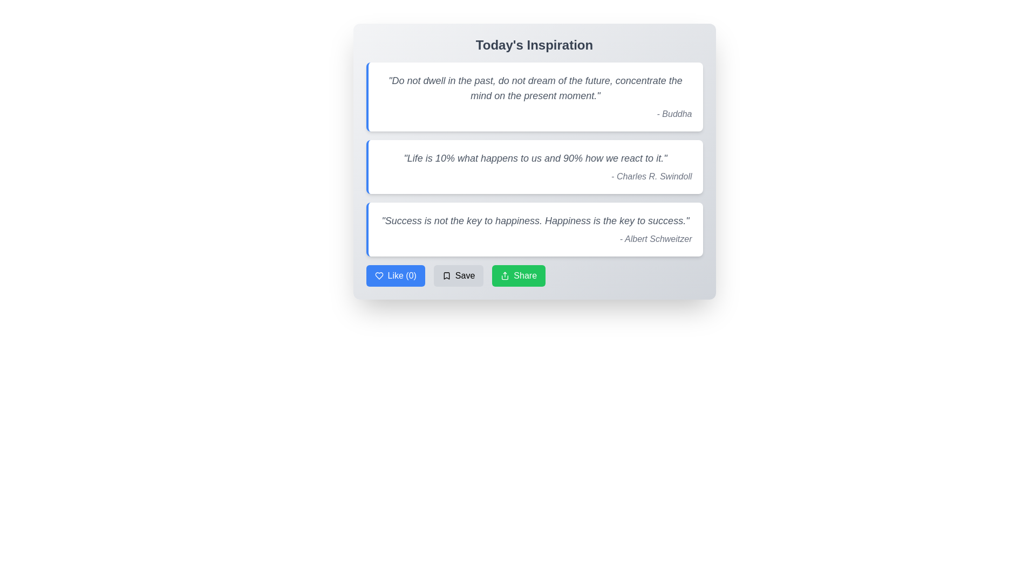 Image resolution: width=1036 pixels, height=582 pixels. What do you see at coordinates (505, 275) in the screenshot?
I see `the share icon` at bounding box center [505, 275].